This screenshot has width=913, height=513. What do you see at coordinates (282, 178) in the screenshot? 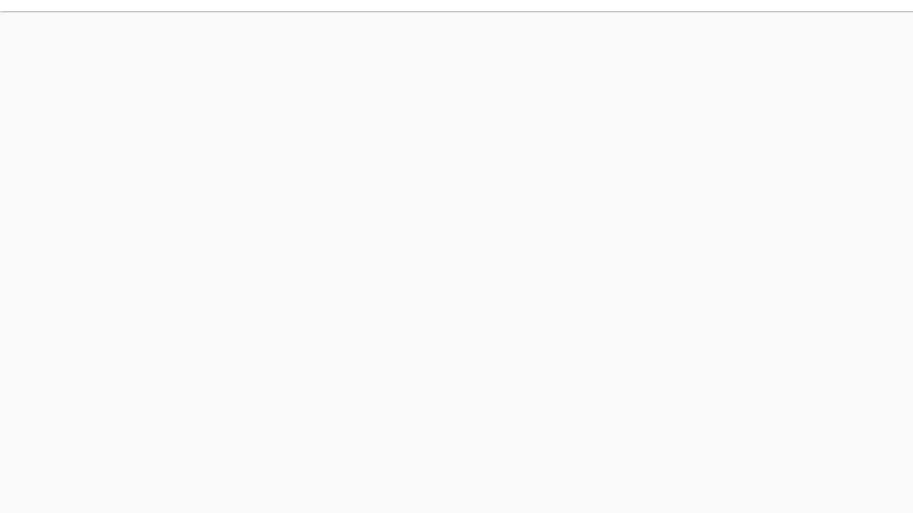
I see `Submit` at bounding box center [282, 178].